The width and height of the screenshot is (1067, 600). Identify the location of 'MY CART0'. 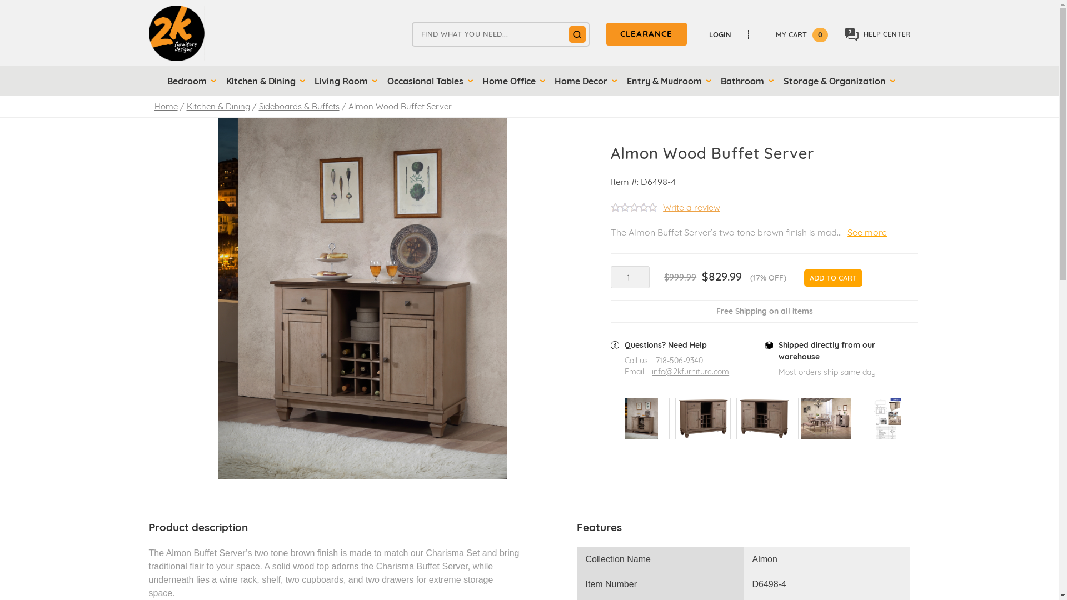
(794, 33).